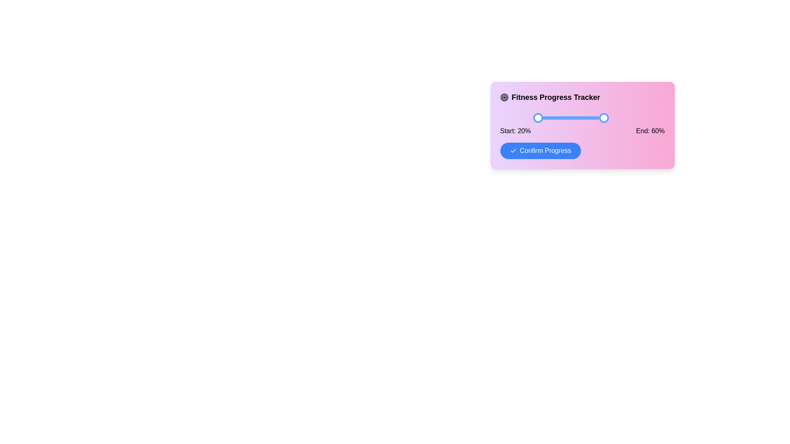 The height and width of the screenshot is (444, 790). I want to click on decorative icon located inside the 'Confirm Progress' button, which signifies completion or confirmation, positioned towards the left edge of the button's content area, so click(513, 150).